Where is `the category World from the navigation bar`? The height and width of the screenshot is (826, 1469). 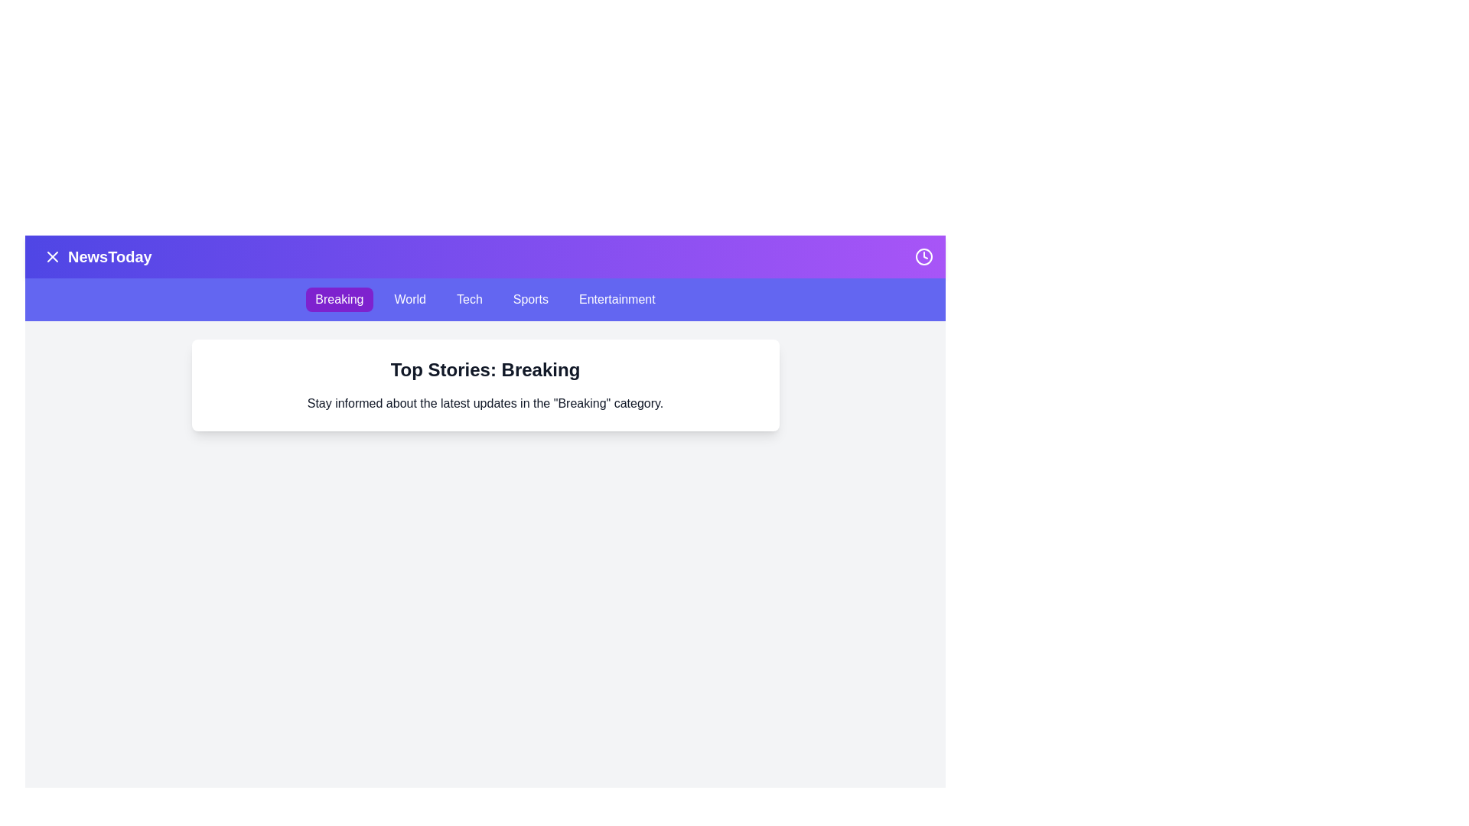
the category World from the navigation bar is located at coordinates (410, 300).